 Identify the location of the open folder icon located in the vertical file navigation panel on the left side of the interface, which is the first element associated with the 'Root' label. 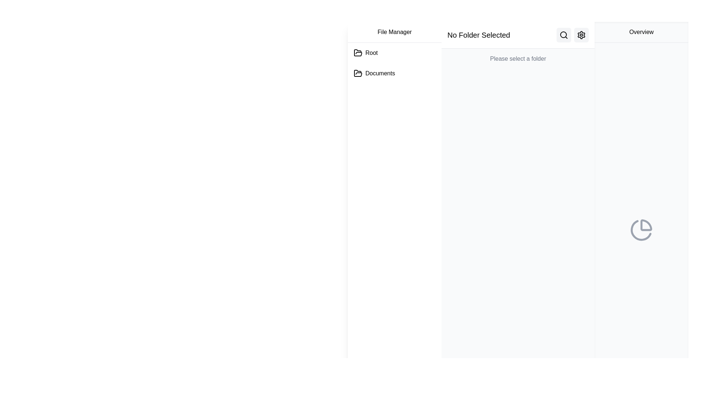
(358, 52).